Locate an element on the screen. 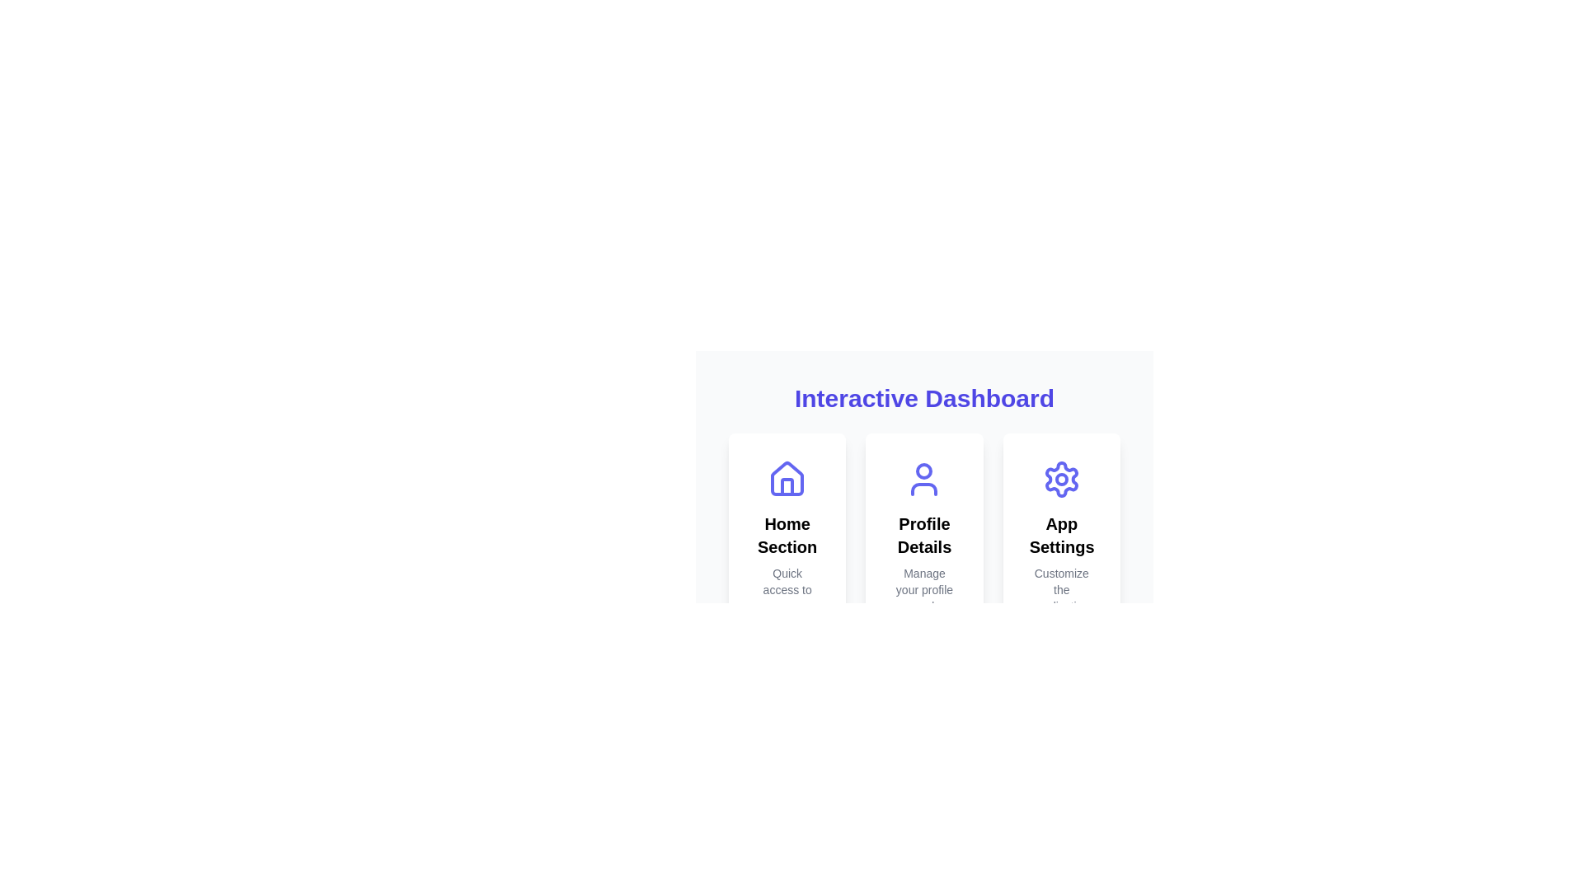 The width and height of the screenshot is (1583, 890). the house icon, which is centrally aligned at the top of the leftmost card labeled 'Home Section' in the 'Interactive Dashboard' is located at coordinates (787, 480).